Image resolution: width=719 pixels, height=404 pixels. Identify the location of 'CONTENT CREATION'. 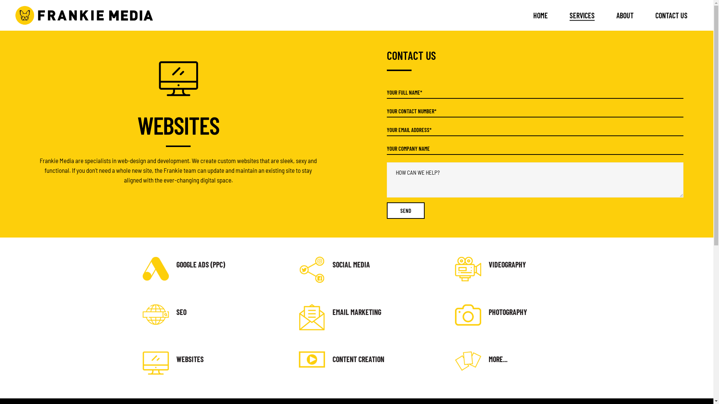
(358, 359).